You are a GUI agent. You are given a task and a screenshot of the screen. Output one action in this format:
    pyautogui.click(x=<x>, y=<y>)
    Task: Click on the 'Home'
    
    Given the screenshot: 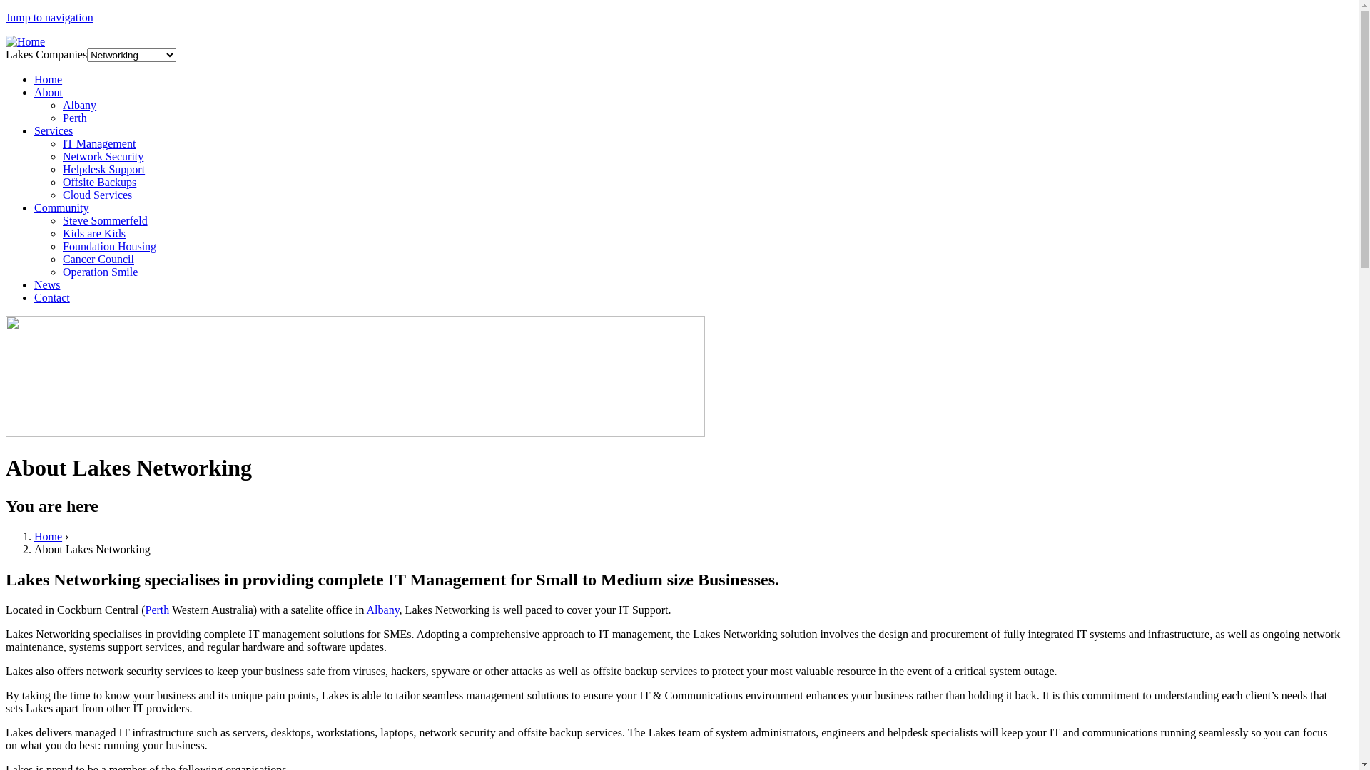 What is the action you would take?
    pyautogui.click(x=48, y=79)
    